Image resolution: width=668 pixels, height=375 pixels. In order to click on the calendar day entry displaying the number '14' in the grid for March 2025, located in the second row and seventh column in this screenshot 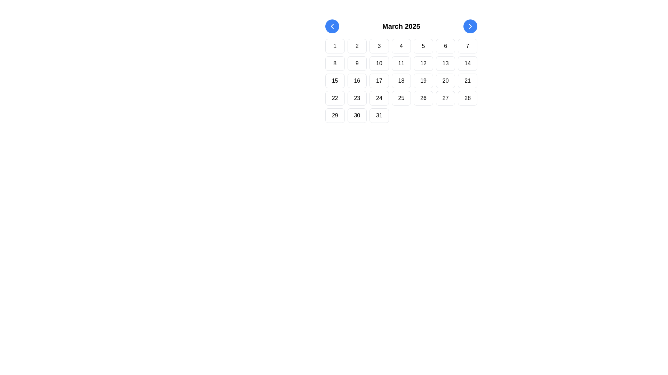, I will do `click(468, 63)`.